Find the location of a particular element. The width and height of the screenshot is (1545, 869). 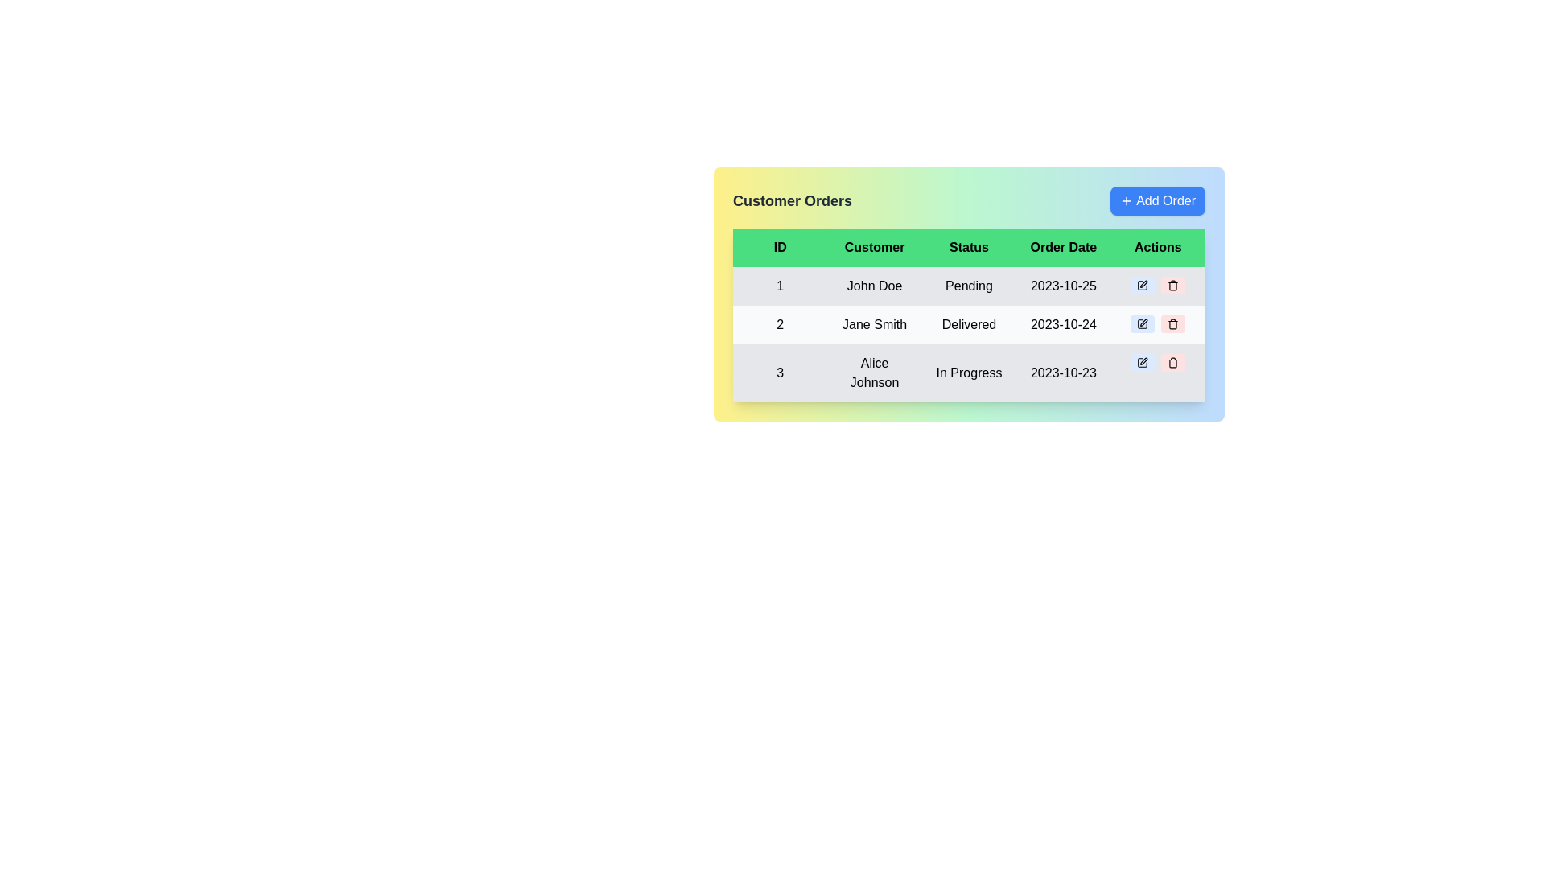

the table cell displaying the text 'Jane Smith' which is located in the second column of the second row within a table layout is located at coordinates (874, 325).